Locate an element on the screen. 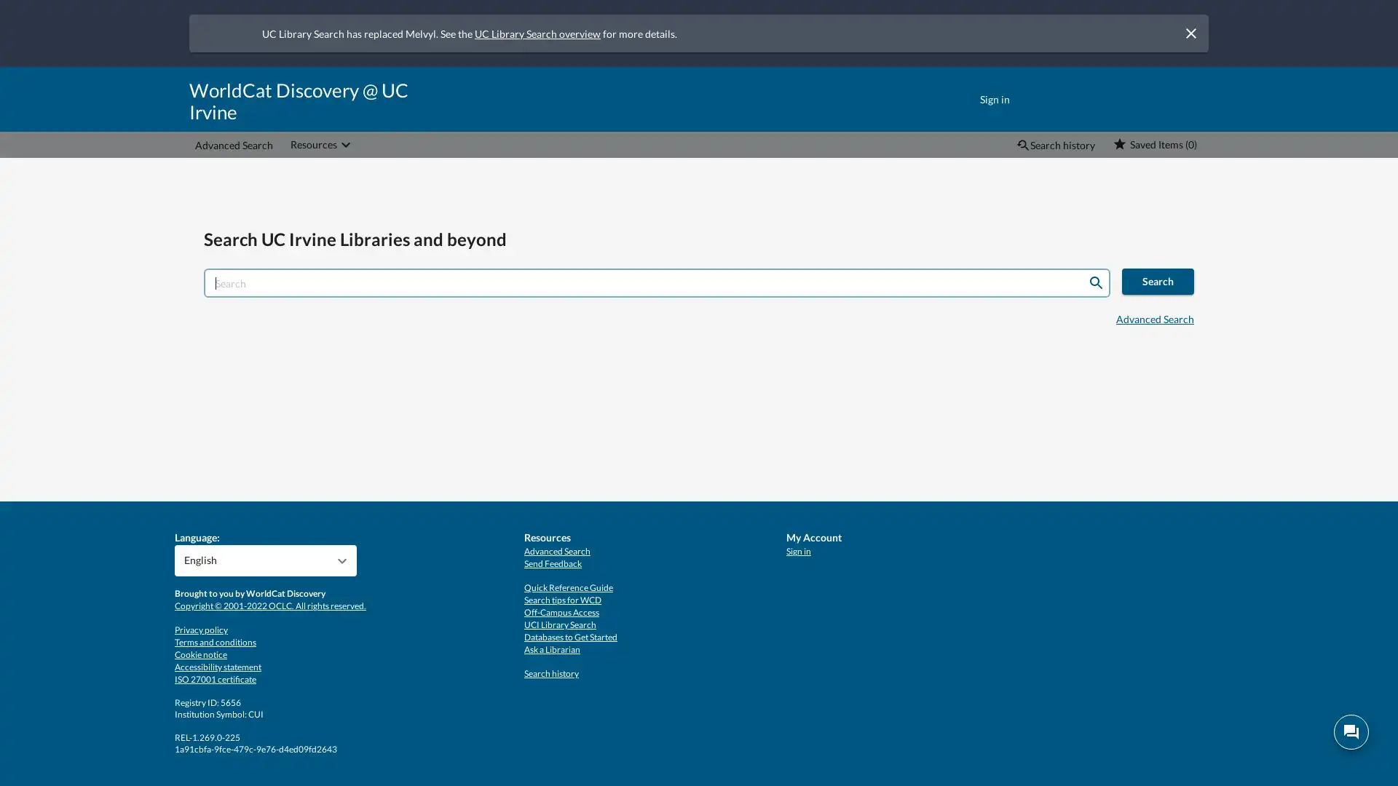 The image size is (1398, 786). Resources is located at coordinates (321, 145).